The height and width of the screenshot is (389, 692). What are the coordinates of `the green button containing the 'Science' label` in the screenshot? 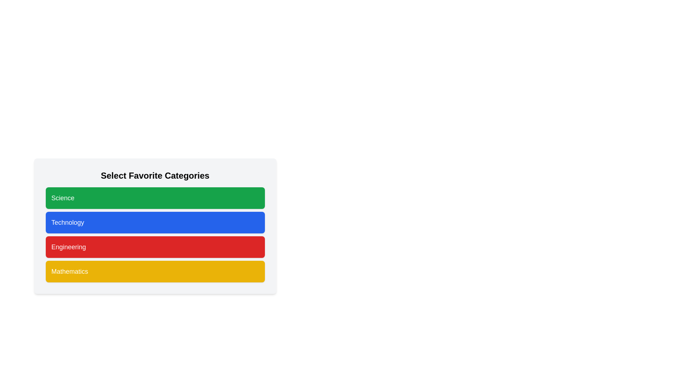 It's located at (63, 198).